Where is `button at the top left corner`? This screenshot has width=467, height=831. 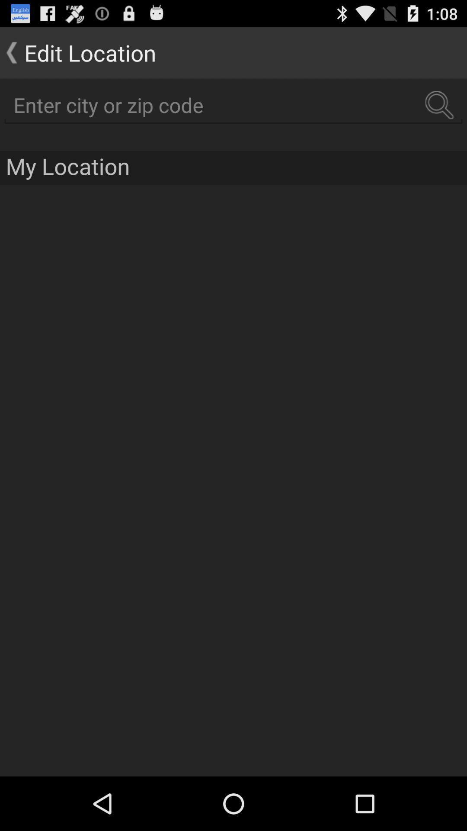
button at the top left corner is located at coordinates (78, 52).